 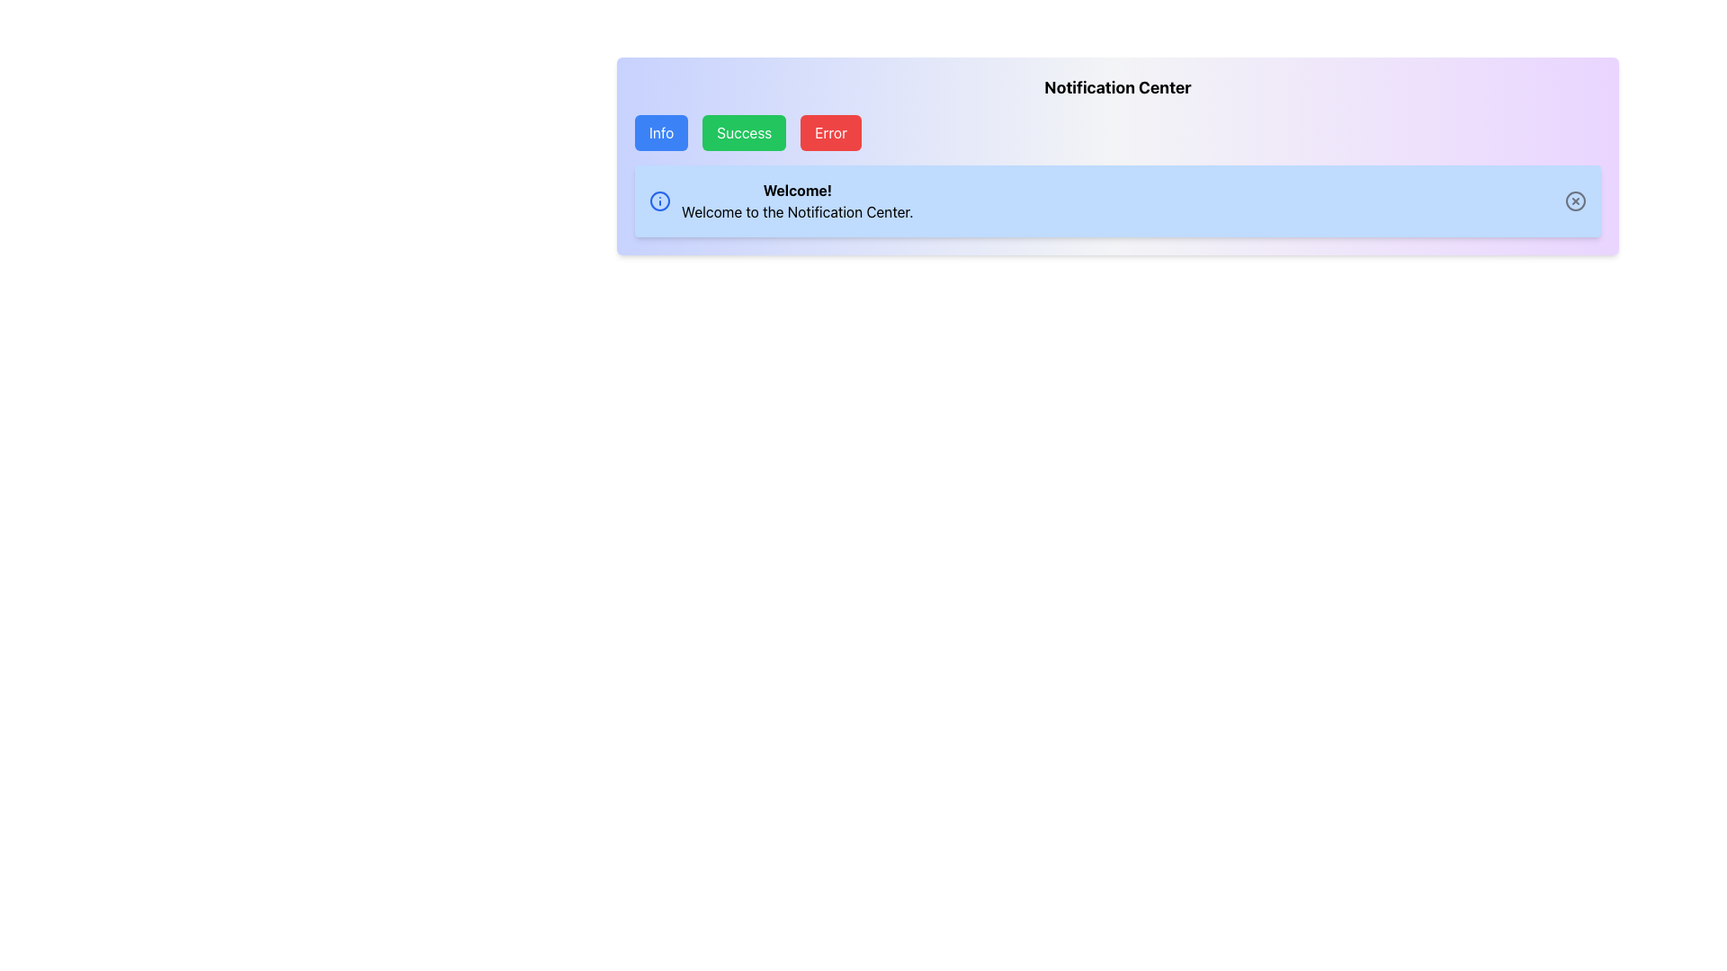 What do you see at coordinates (796, 191) in the screenshot?
I see `the title text element that welcomes the user to the Notification Center, located in the upper-left side of the light blue box` at bounding box center [796, 191].